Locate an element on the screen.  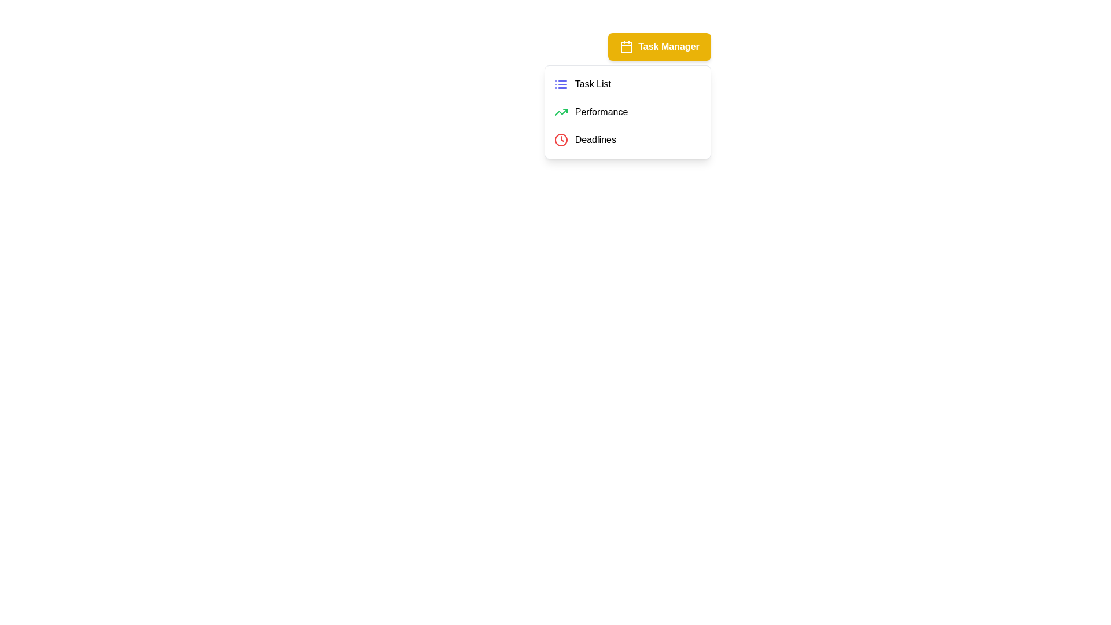
the menu item Task List from the TaskManagementMenu is located at coordinates (627, 84).